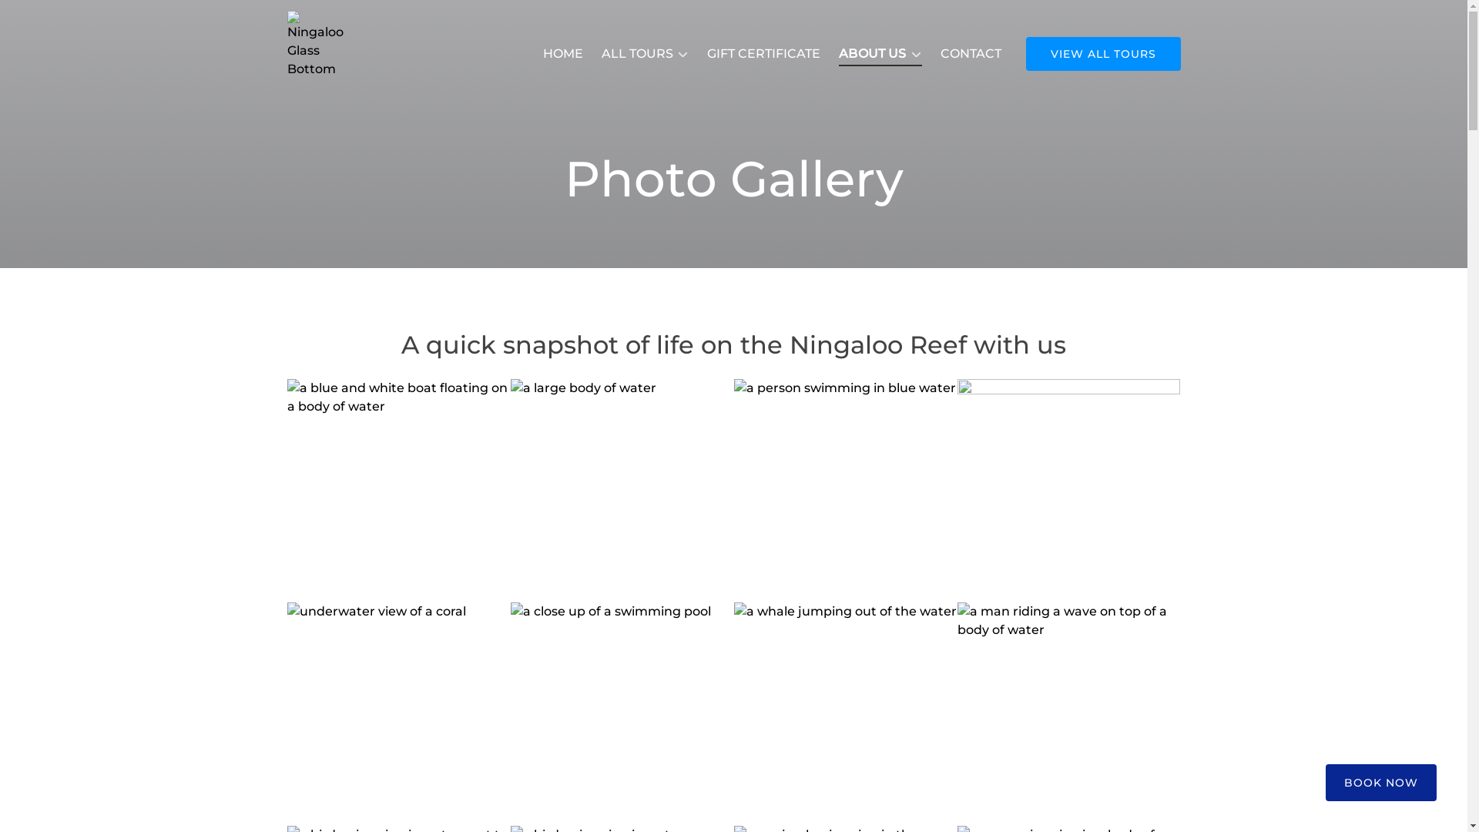 This screenshot has width=1479, height=832. Describe the element at coordinates (562, 52) in the screenshot. I see `'HOME'` at that location.